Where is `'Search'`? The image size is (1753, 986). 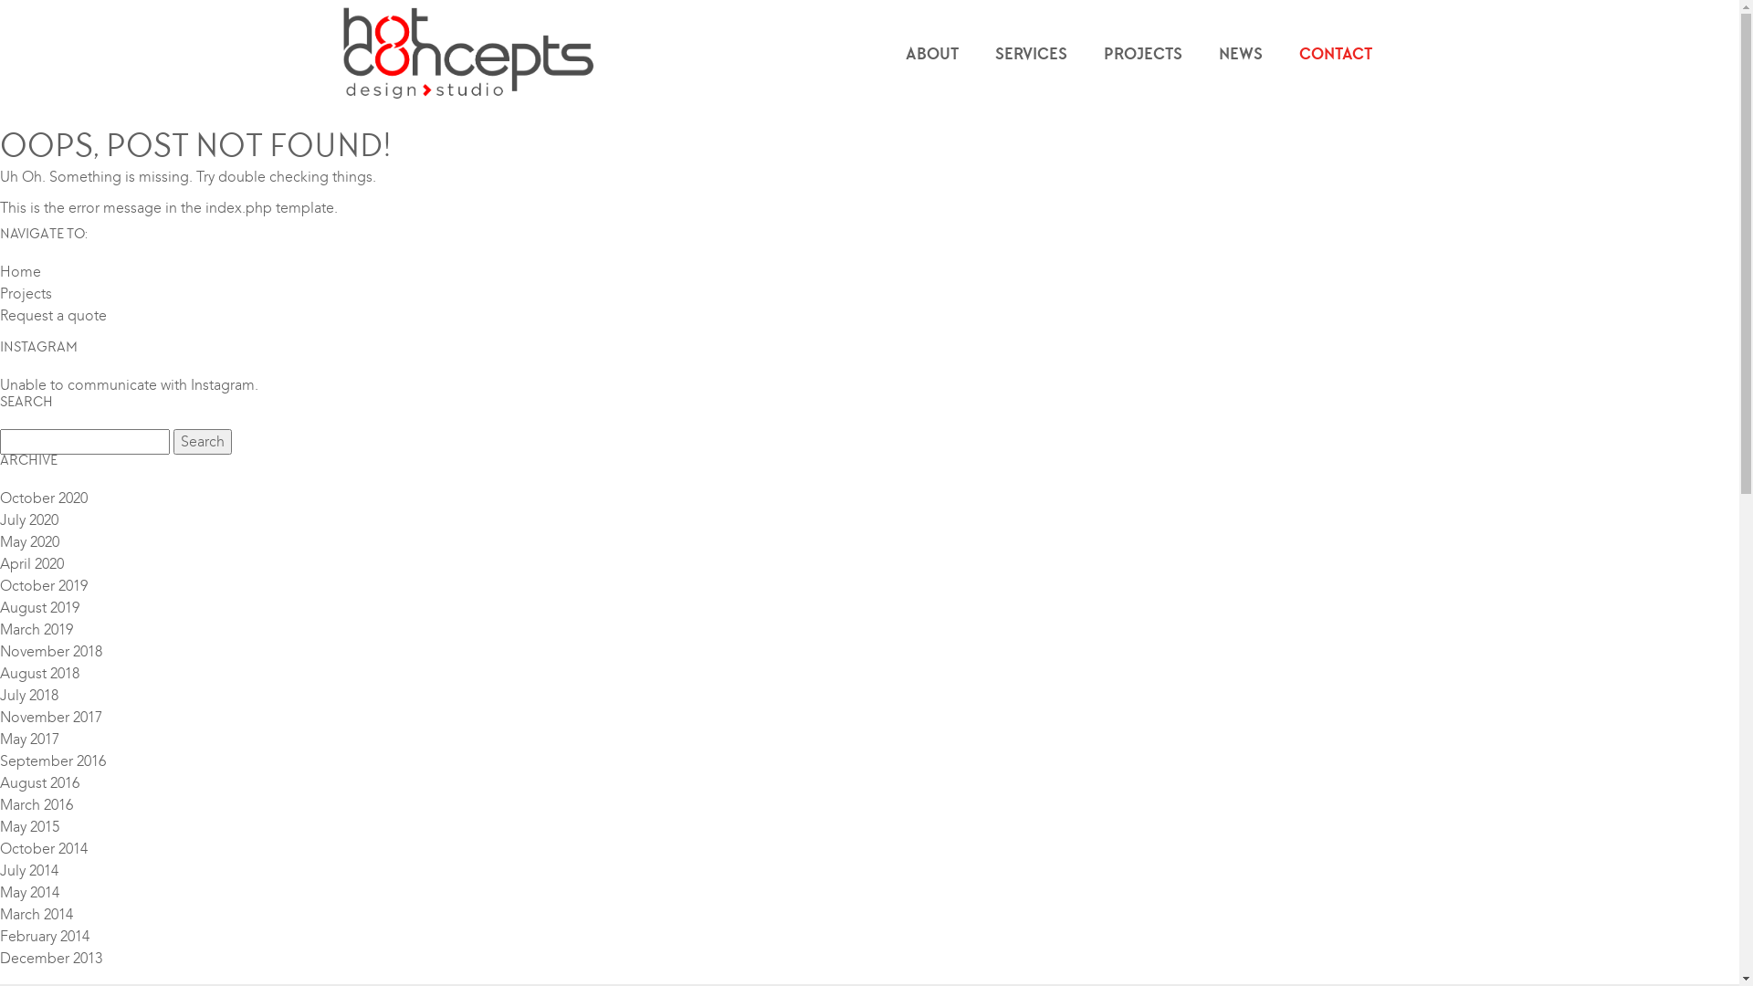 'Search' is located at coordinates (202, 441).